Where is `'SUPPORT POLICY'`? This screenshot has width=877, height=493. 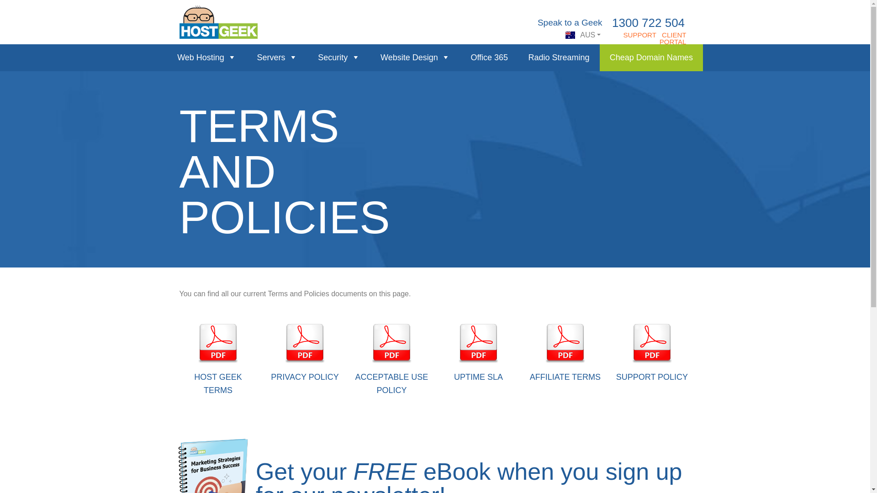
'SUPPORT POLICY' is located at coordinates (651, 377).